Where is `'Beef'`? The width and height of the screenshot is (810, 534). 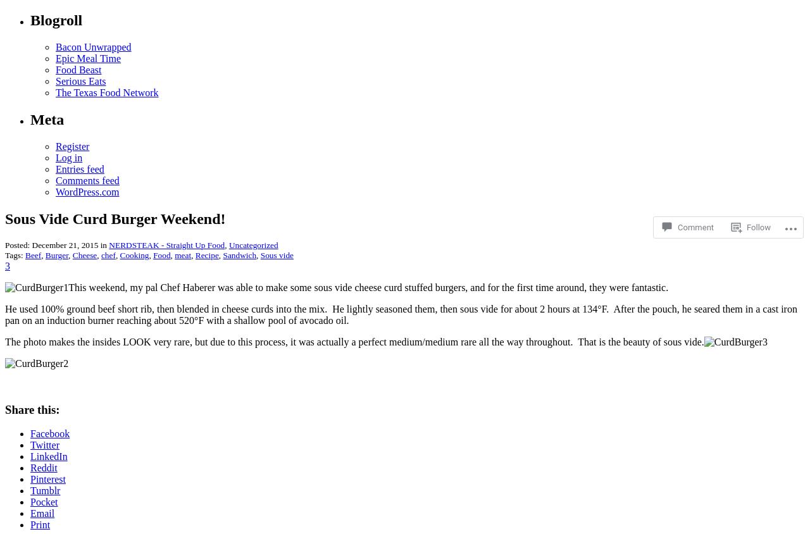 'Beef' is located at coordinates (33, 255).